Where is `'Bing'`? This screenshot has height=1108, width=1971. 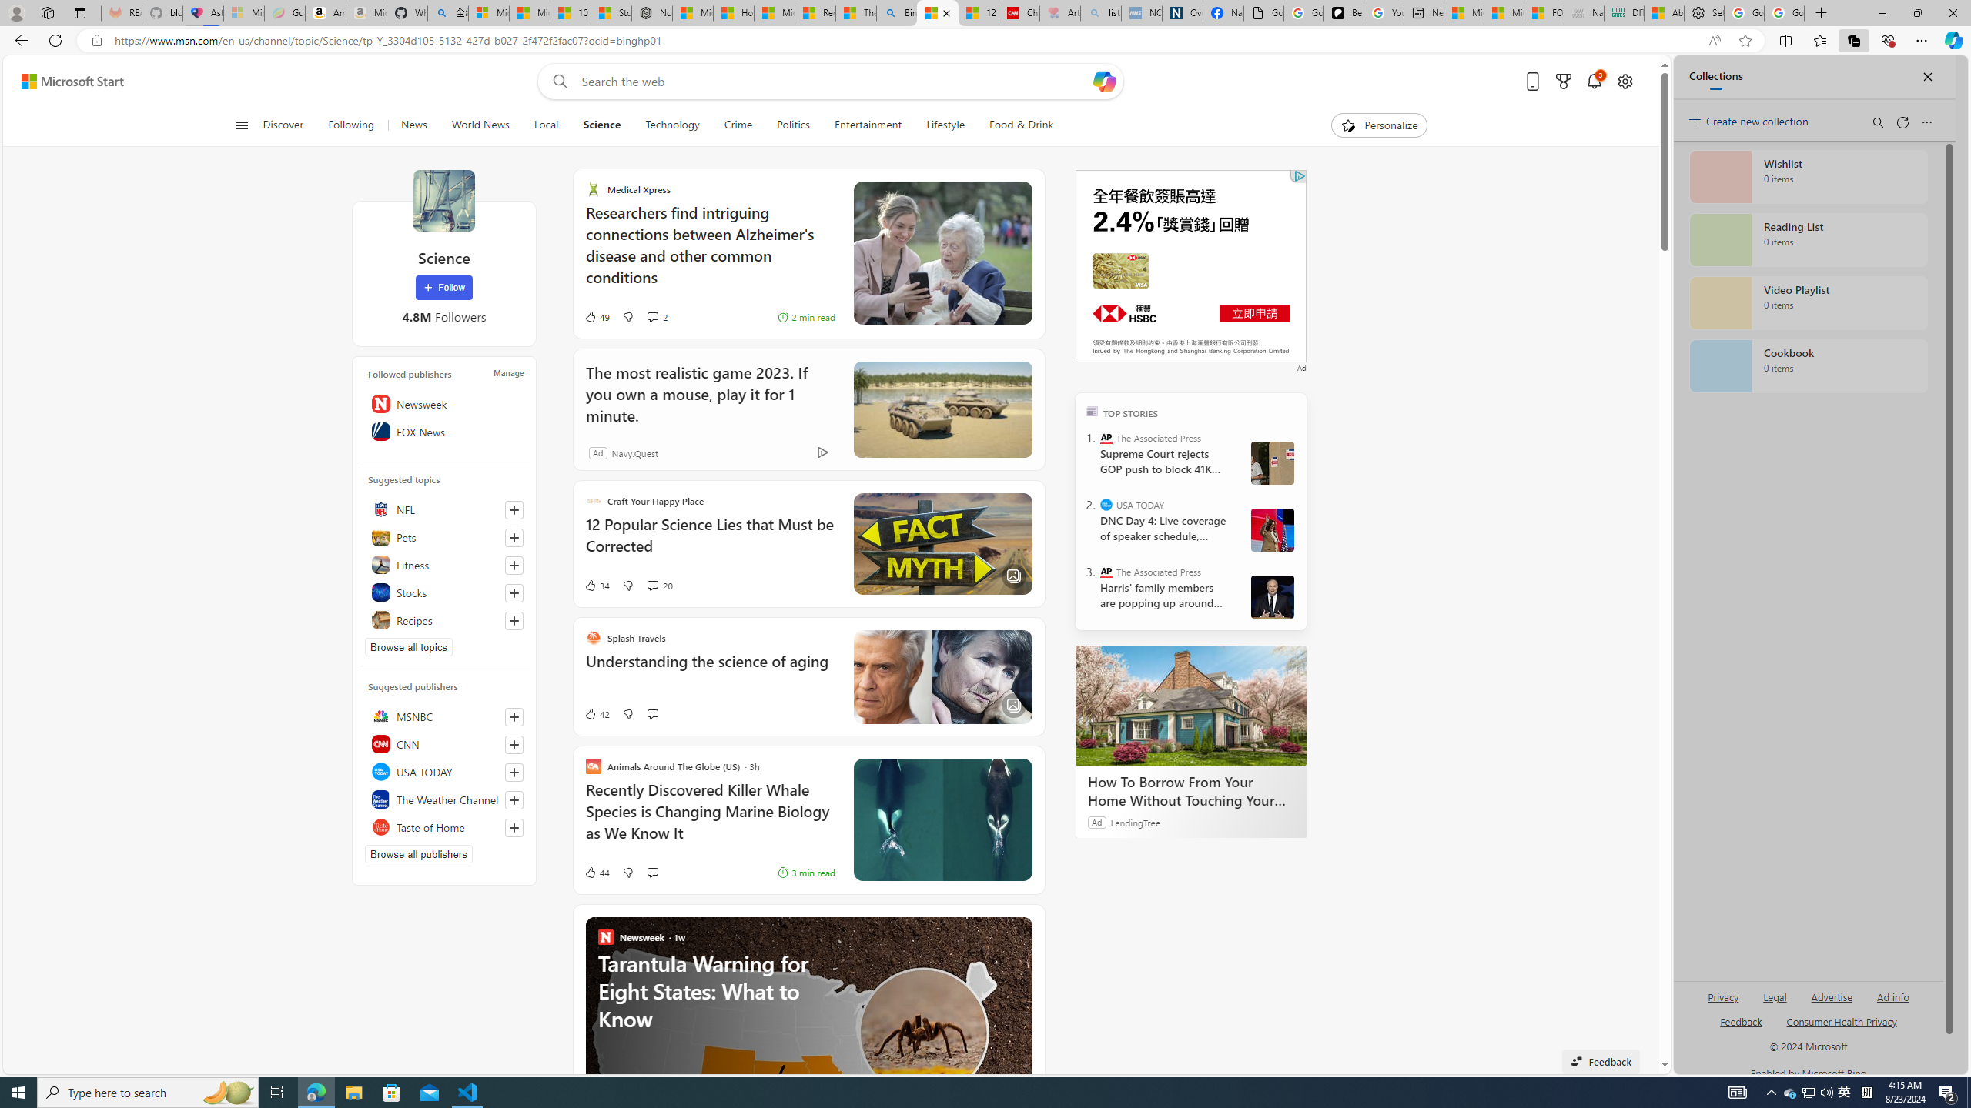
'Bing' is located at coordinates (895, 12).